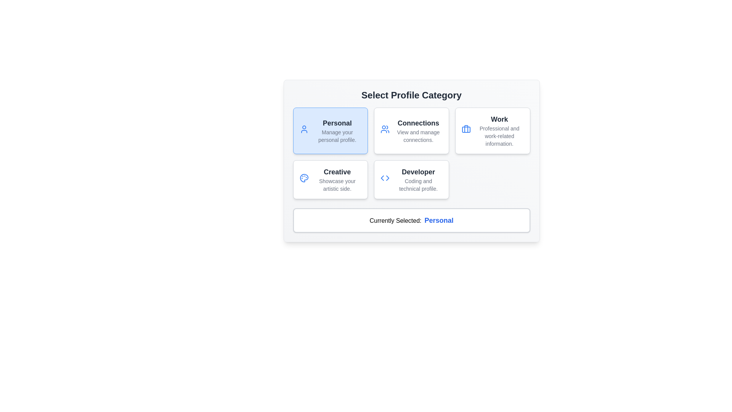 This screenshot has width=732, height=412. Describe the element at coordinates (388, 178) in the screenshot. I see `the right arrow-shaped icon for navigation located in the 'Developer' profile option, indicating selection functionality` at that location.